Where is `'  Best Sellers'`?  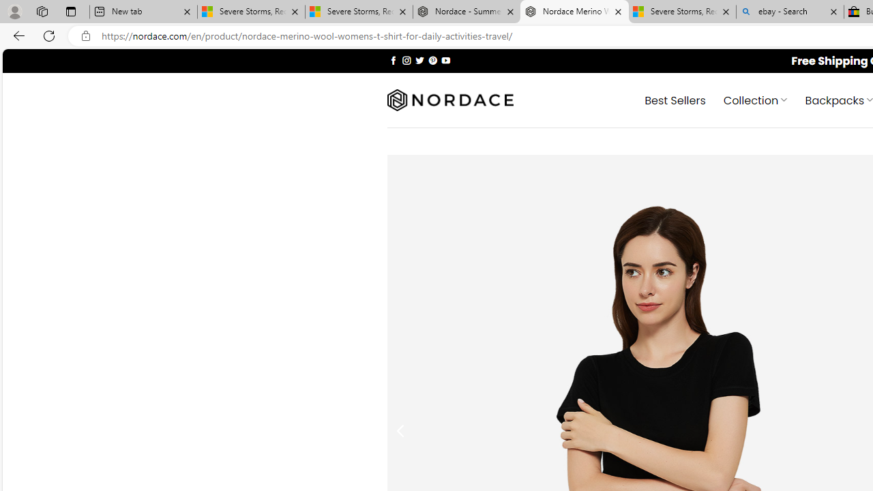
'  Best Sellers' is located at coordinates (675, 99).